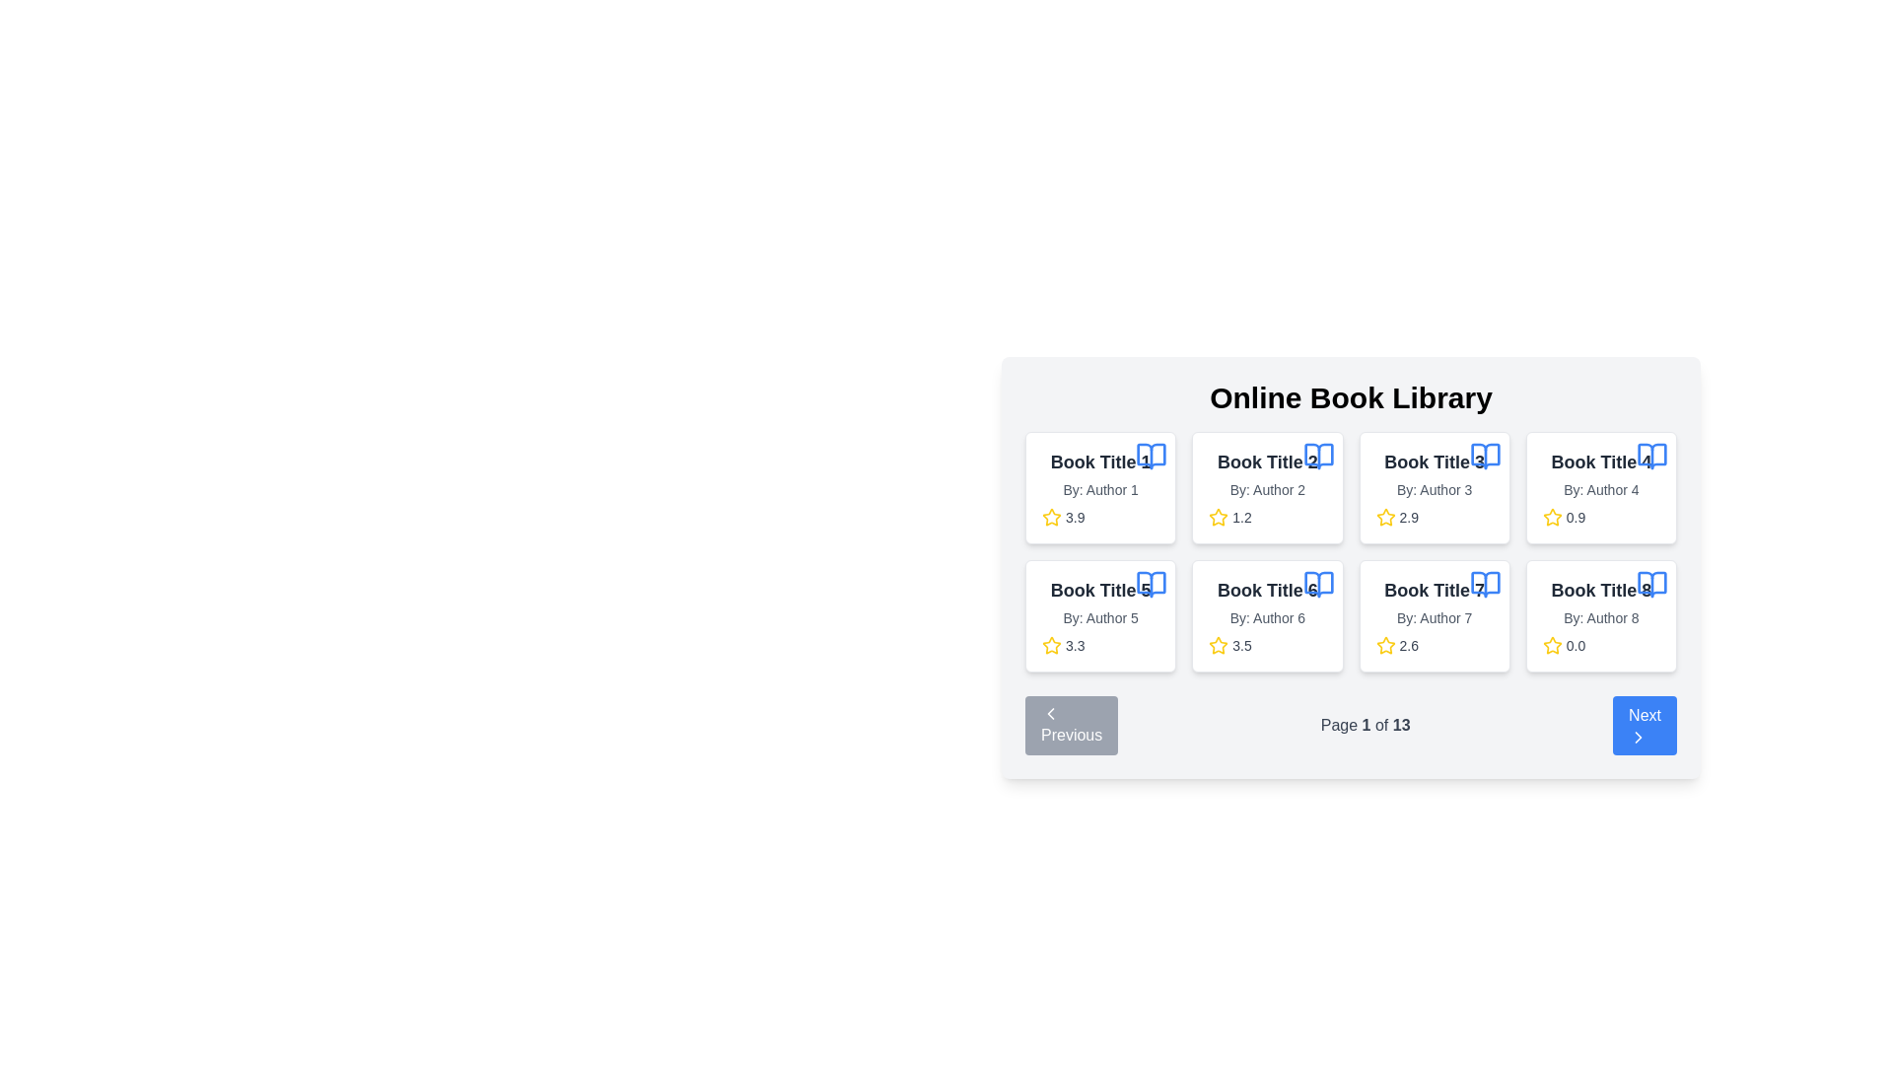 The height and width of the screenshot is (1065, 1893). I want to click on the second title text in the grid layout of cards, which identifies a book in the Online Book Library, so click(1267, 462).